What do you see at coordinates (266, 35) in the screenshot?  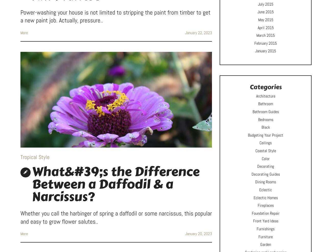 I see `'March 2015'` at bounding box center [266, 35].